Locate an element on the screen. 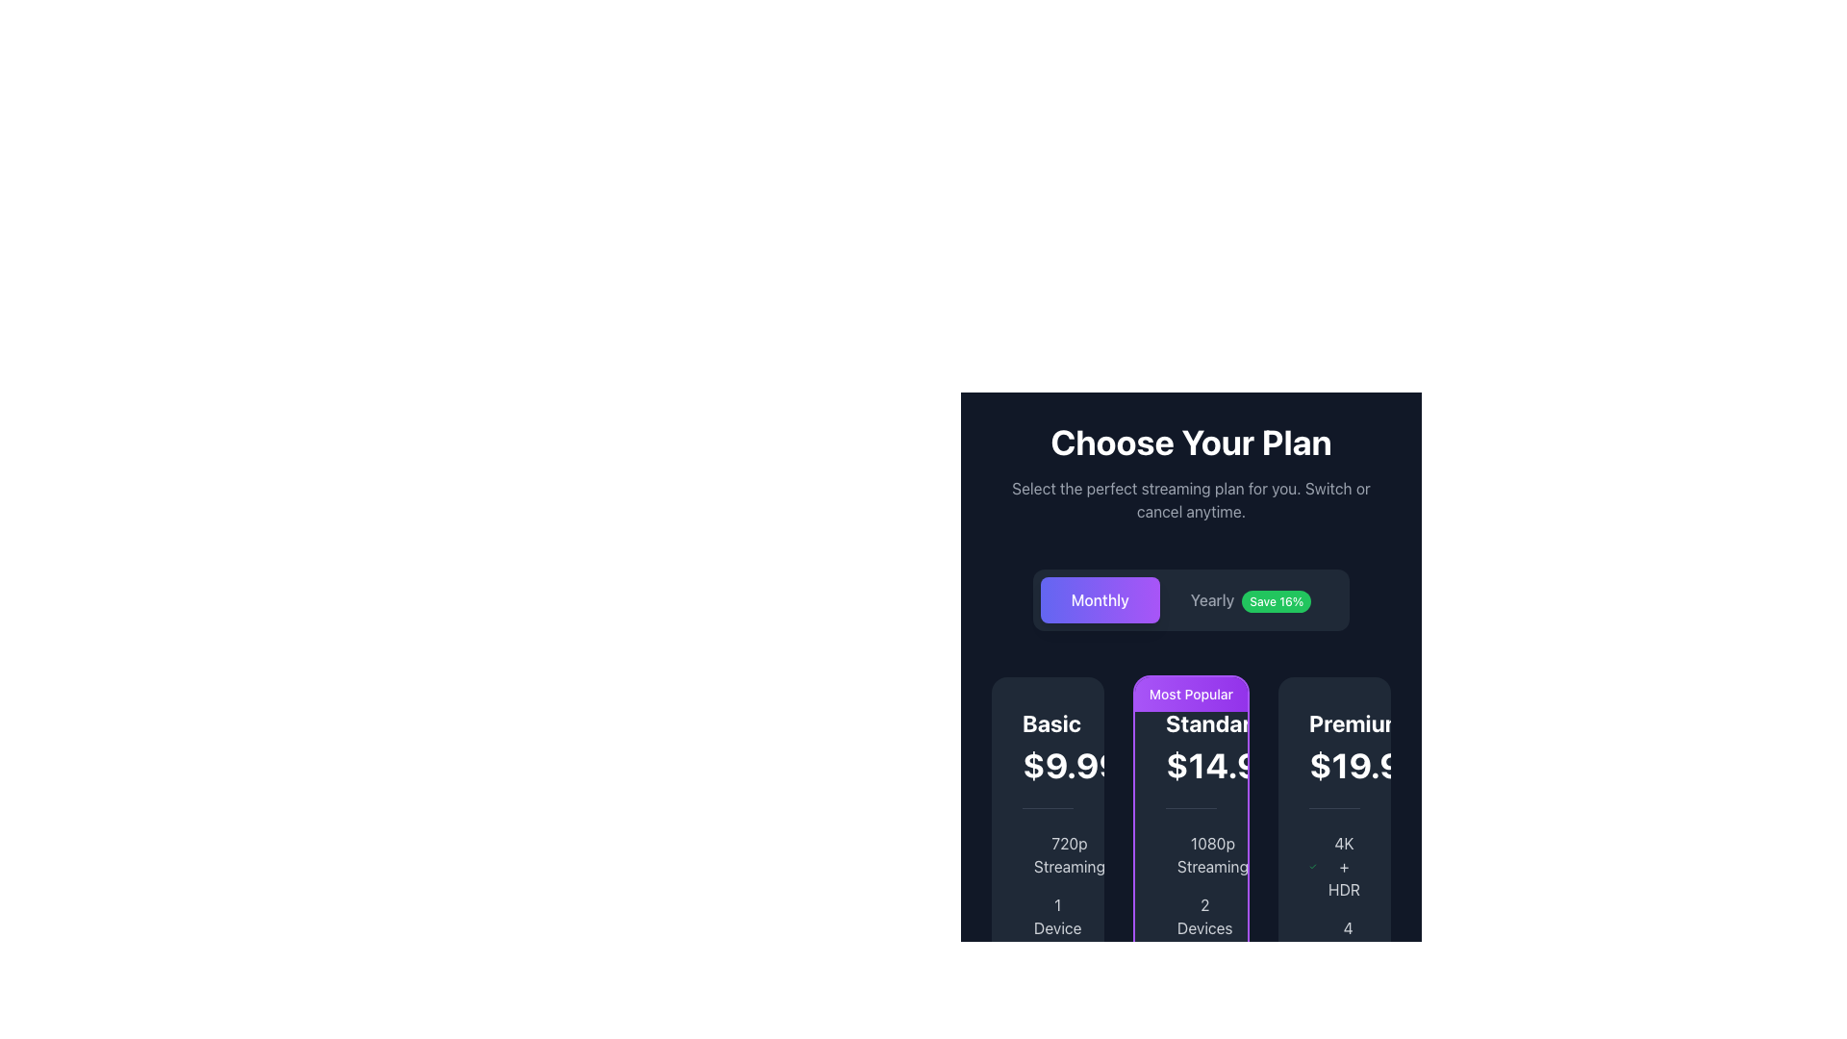 This screenshot has width=1847, height=1039. text displayed in the upper section of the 'Premium' plan card, which shows the name and monthly cost of the plan is located at coordinates (1333, 745).